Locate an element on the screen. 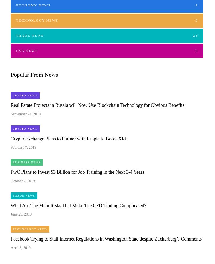  'Popular From News' is located at coordinates (34, 74).